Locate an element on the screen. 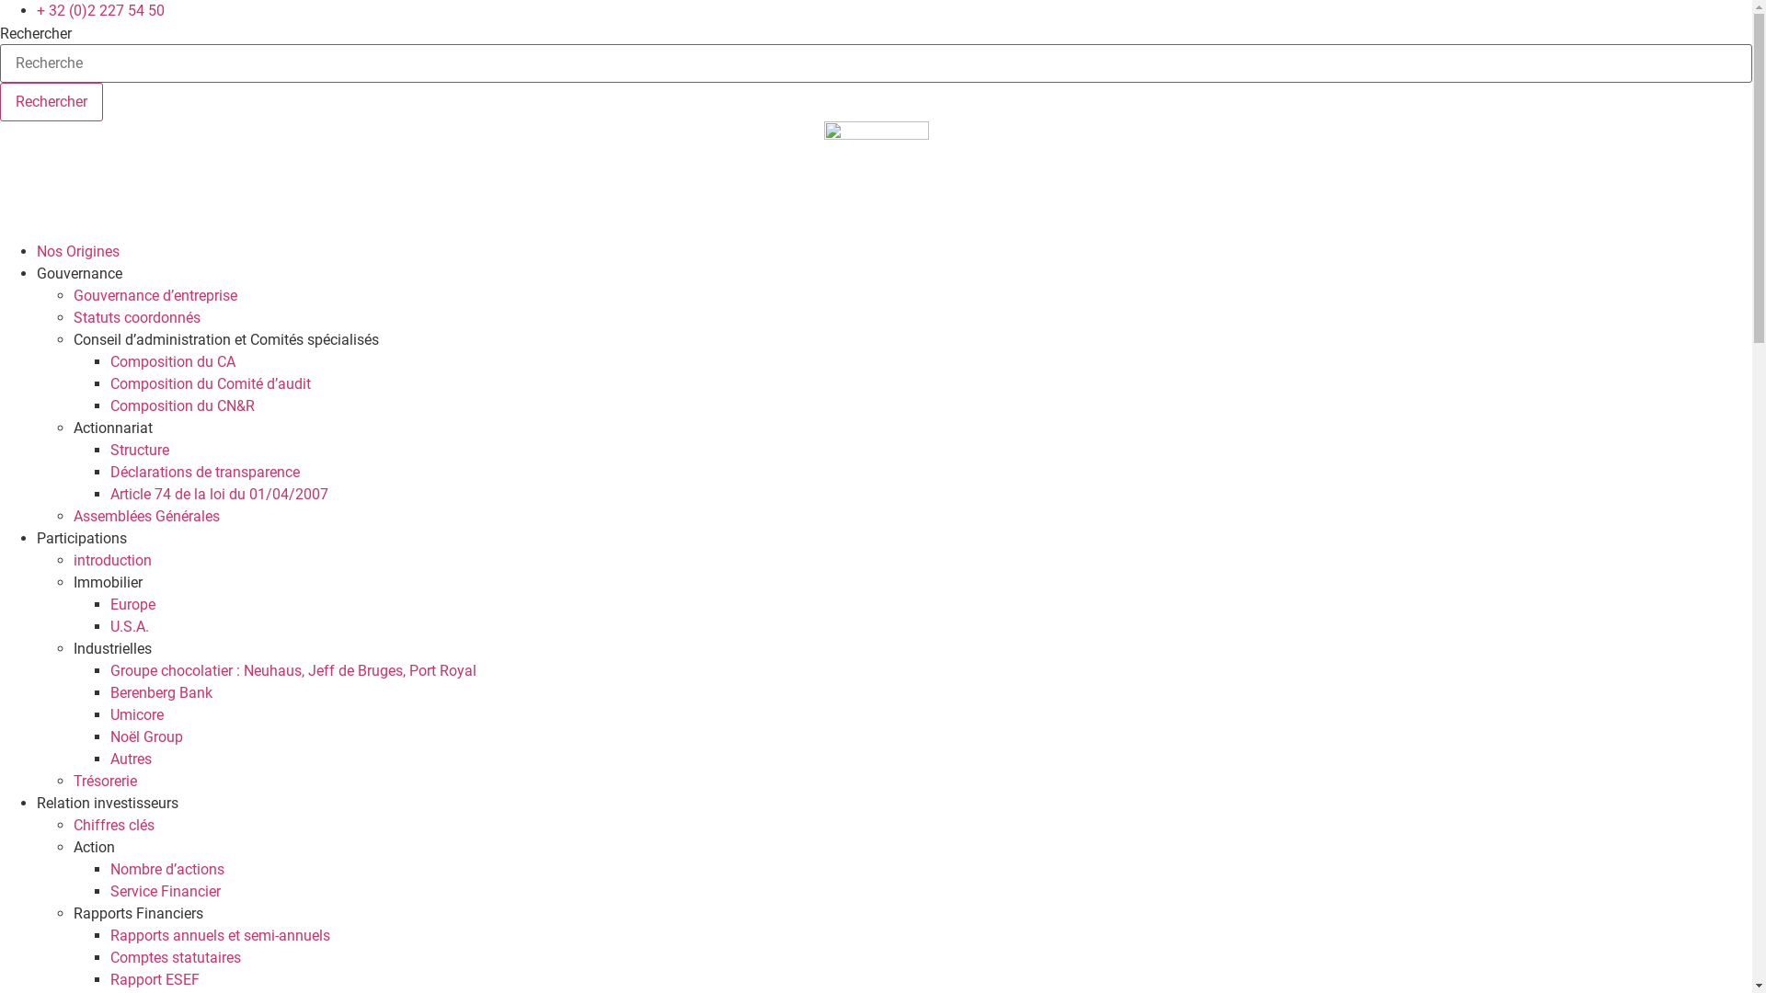 The width and height of the screenshot is (1766, 993). '+ 32 (0)2 227 54 50' is located at coordinates (99, 10).